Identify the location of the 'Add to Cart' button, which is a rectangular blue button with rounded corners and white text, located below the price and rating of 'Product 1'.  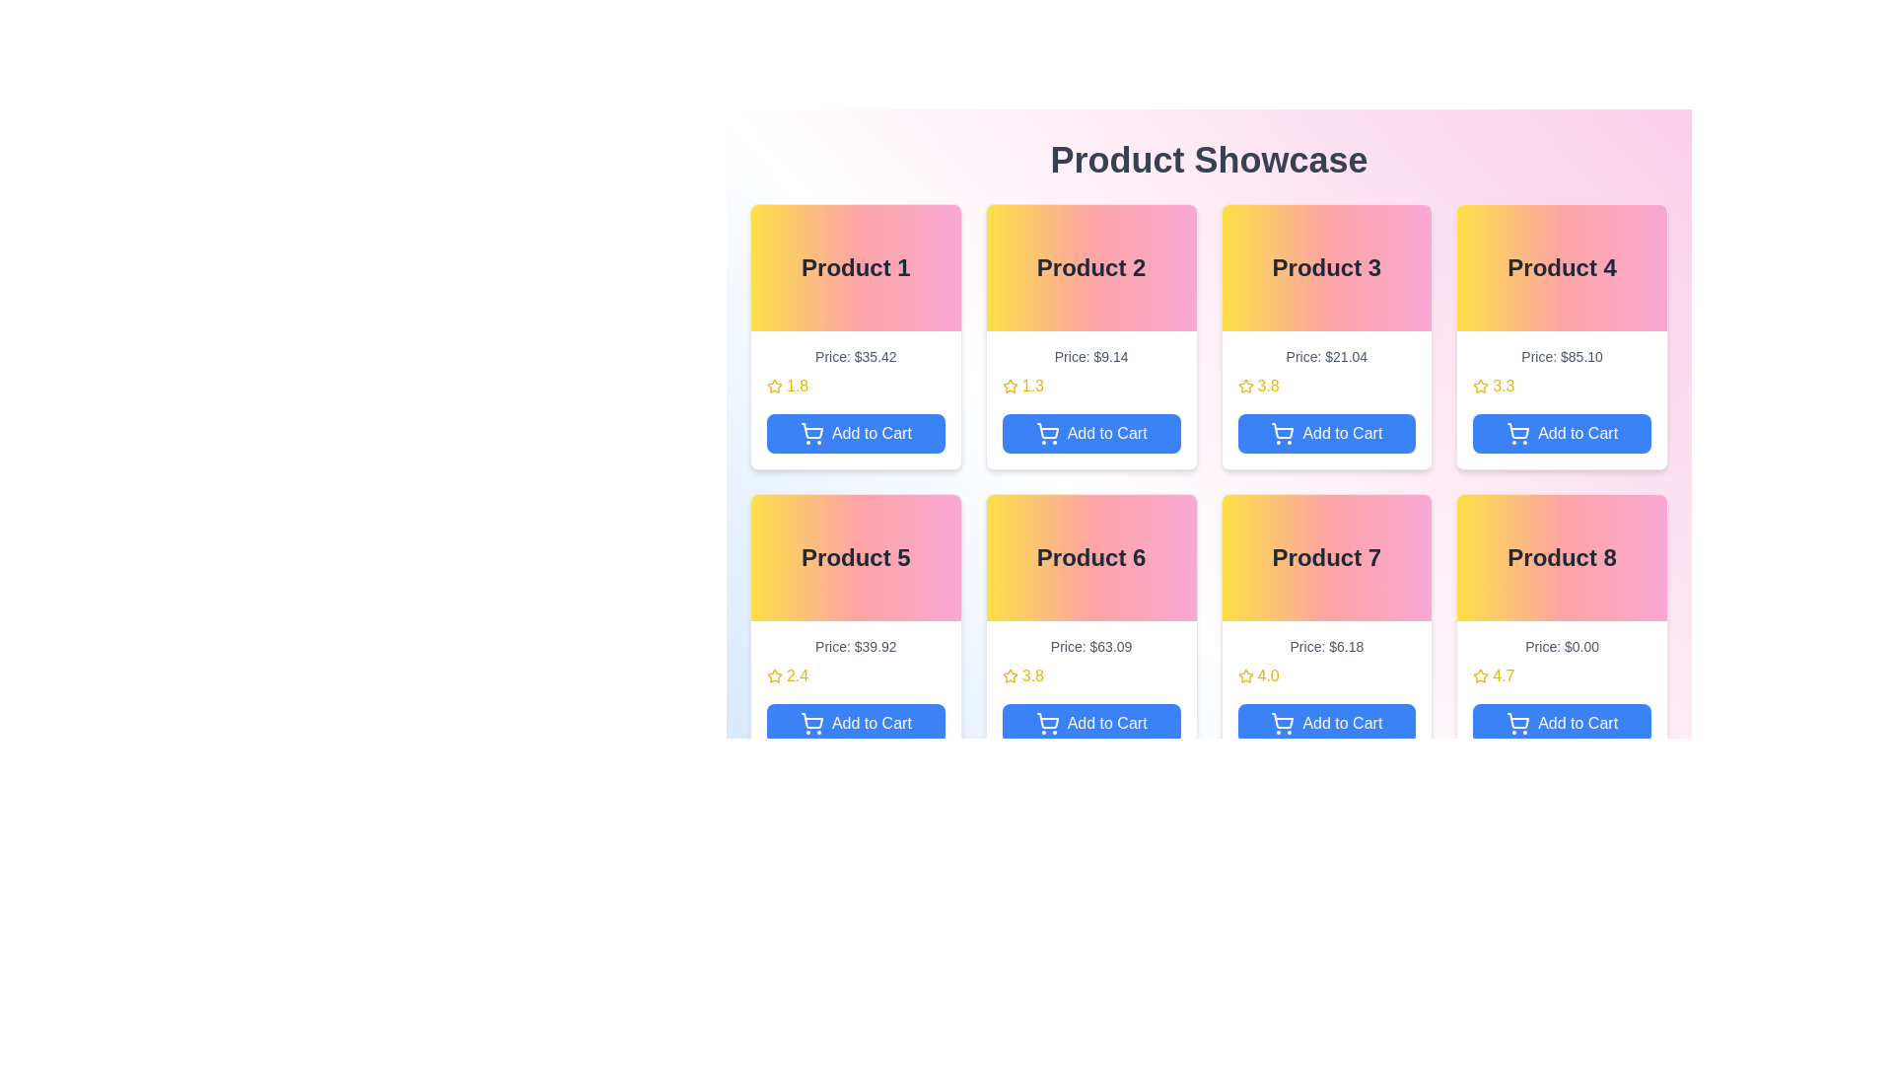
(856, 432).